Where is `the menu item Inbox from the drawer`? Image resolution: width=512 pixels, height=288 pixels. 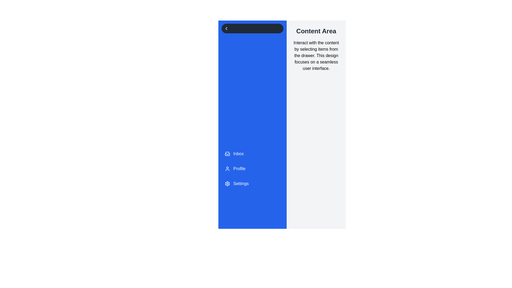
the menu item Inbox from the drawer is located at coordinates (252, 154).